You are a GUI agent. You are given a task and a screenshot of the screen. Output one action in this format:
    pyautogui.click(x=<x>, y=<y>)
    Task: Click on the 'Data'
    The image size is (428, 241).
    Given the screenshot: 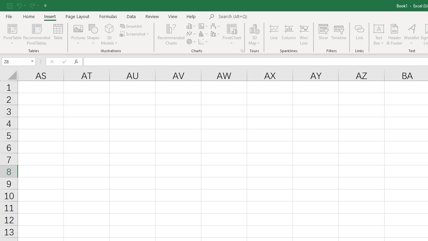 What is the action you would take?
    pyautogui.click(x=131, y=16)
    